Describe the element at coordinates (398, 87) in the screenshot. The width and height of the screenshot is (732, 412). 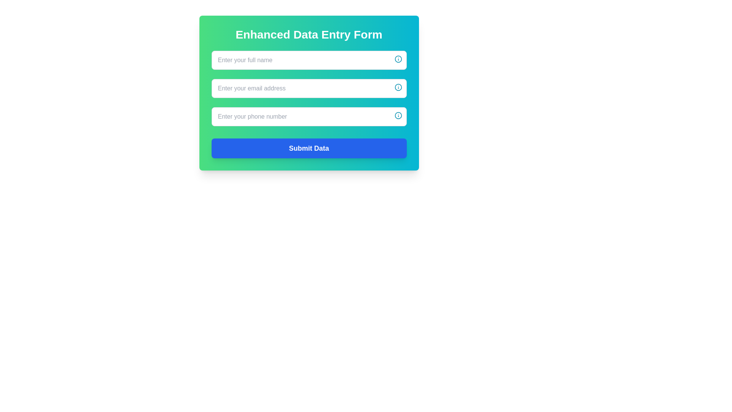
I see `the informational icon located at the far-right of the 'Enter your email address' input field to display further information or a tooltip` at that location.